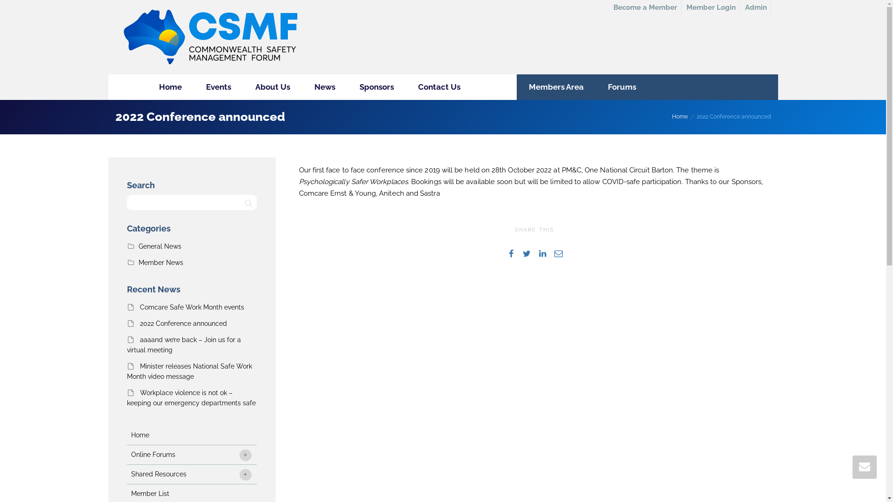 The height and width of the screenshot is (502, 893). What do you see at coordinates (272, 87) in the screenshot?
I see `'About Us'` at bounding box center [272, 87].